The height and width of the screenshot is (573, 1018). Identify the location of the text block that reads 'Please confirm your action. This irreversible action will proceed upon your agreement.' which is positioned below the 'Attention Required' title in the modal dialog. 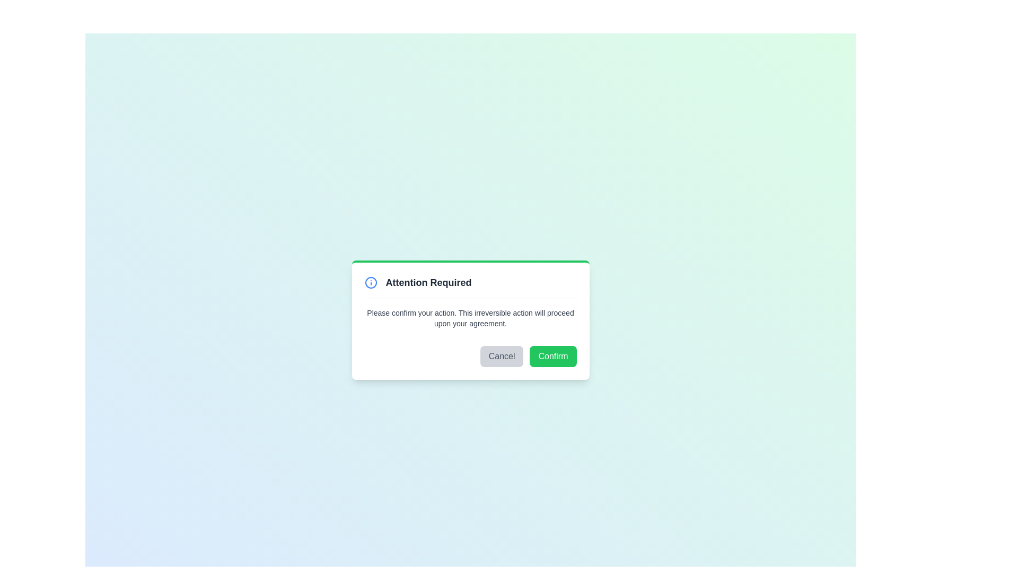
(470, 317).